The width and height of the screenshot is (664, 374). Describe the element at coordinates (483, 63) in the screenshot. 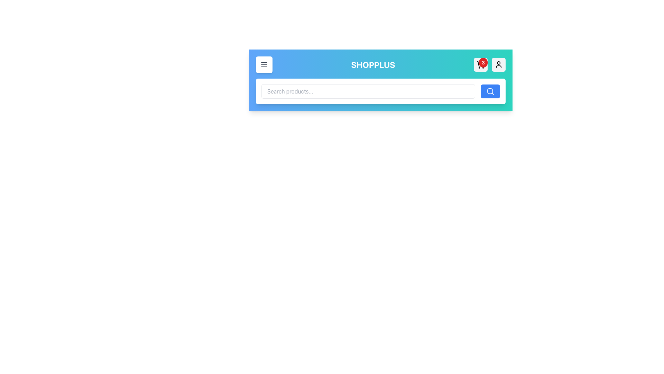

I see `the badge that displays the count of items in the shopping cart, located at the top-right corner of the shopping cart icon` at that location.